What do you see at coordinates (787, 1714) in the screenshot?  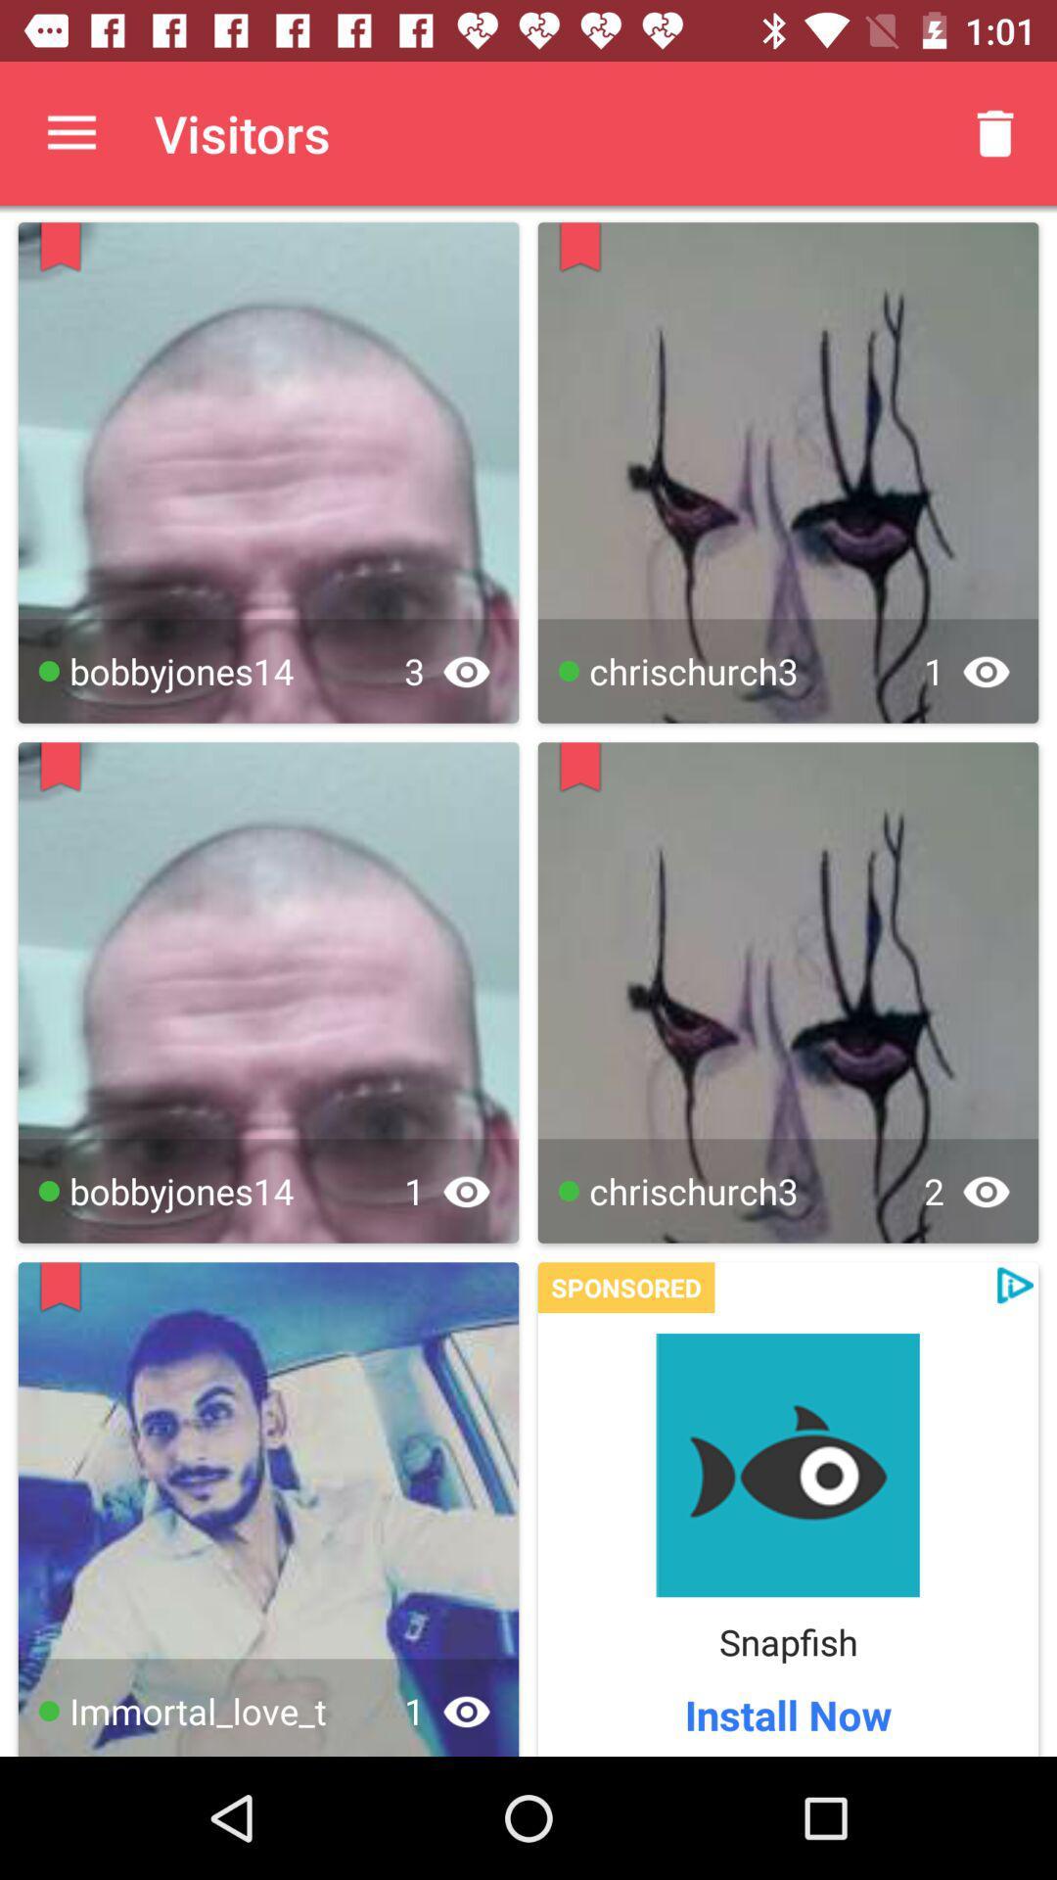 I see `the item below the snapfish app` at bounding box center [787, 1714].